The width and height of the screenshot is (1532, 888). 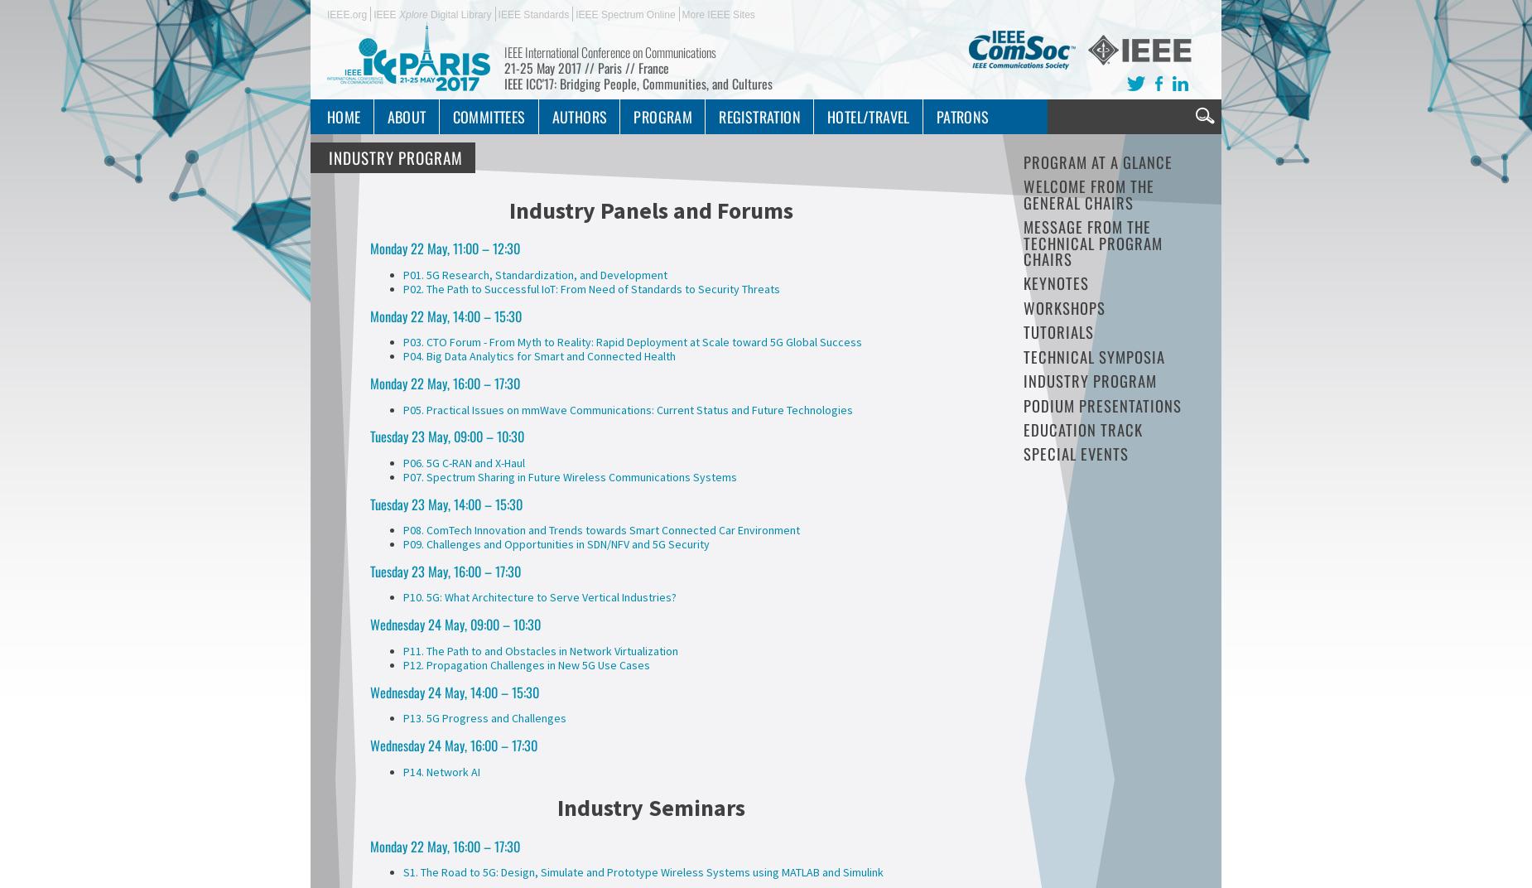 What do you see at coordinates (1055, 282) in the screenshot?
I see `'Keynotes'` at bounding box center [1055, 282].